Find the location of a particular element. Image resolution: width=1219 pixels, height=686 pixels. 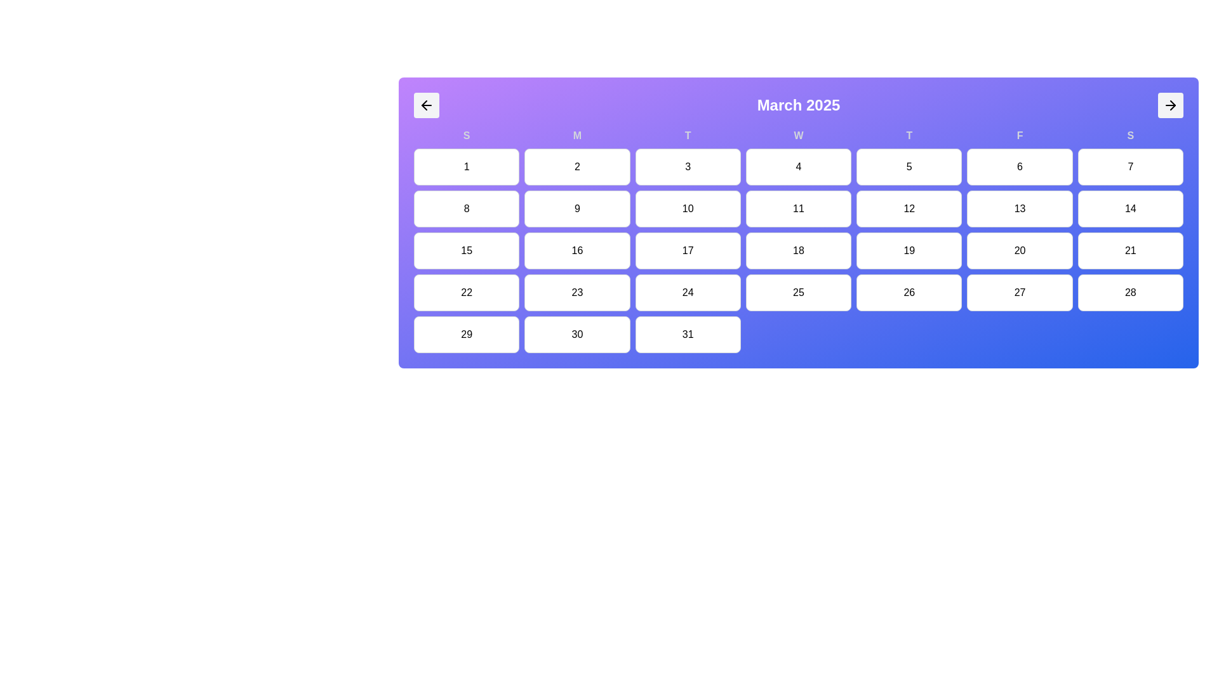

the right-pointing arrow icon button located in the upper-right corner of the main interface is located at coordinates (1169, 104).